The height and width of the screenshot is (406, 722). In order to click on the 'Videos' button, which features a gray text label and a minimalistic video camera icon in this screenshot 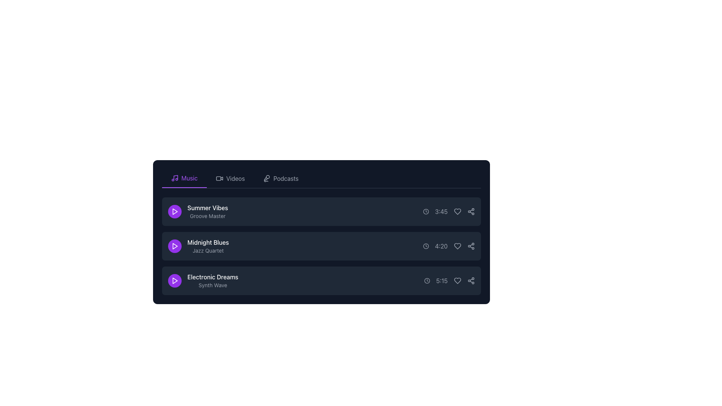, I will do `click(230, 178)`.